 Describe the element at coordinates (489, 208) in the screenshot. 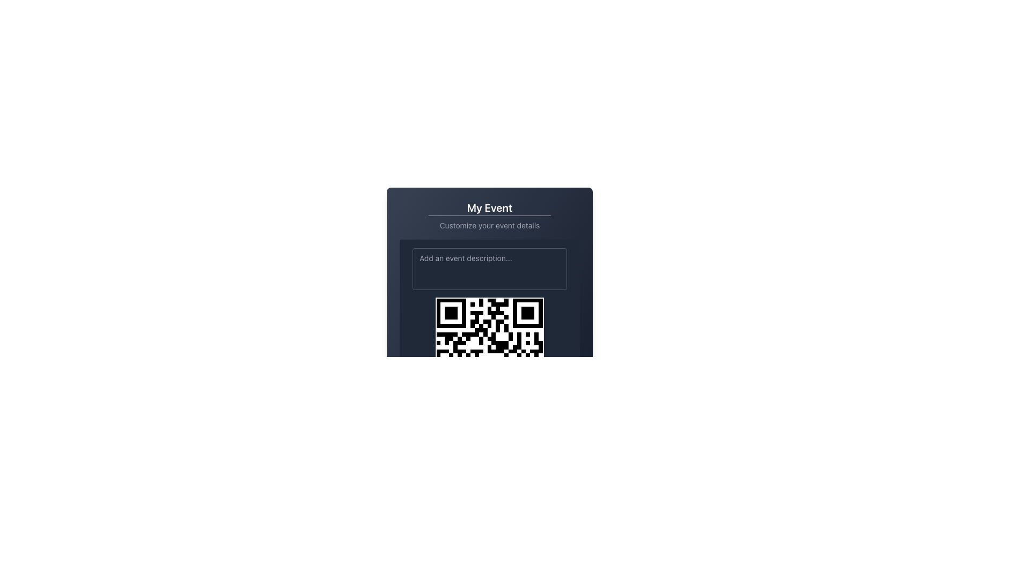

I see `on the title text of the text input field labeled 'My Event', which is prominently displayed in the header section above the descriptive text 'Customize your event details'` at that location.